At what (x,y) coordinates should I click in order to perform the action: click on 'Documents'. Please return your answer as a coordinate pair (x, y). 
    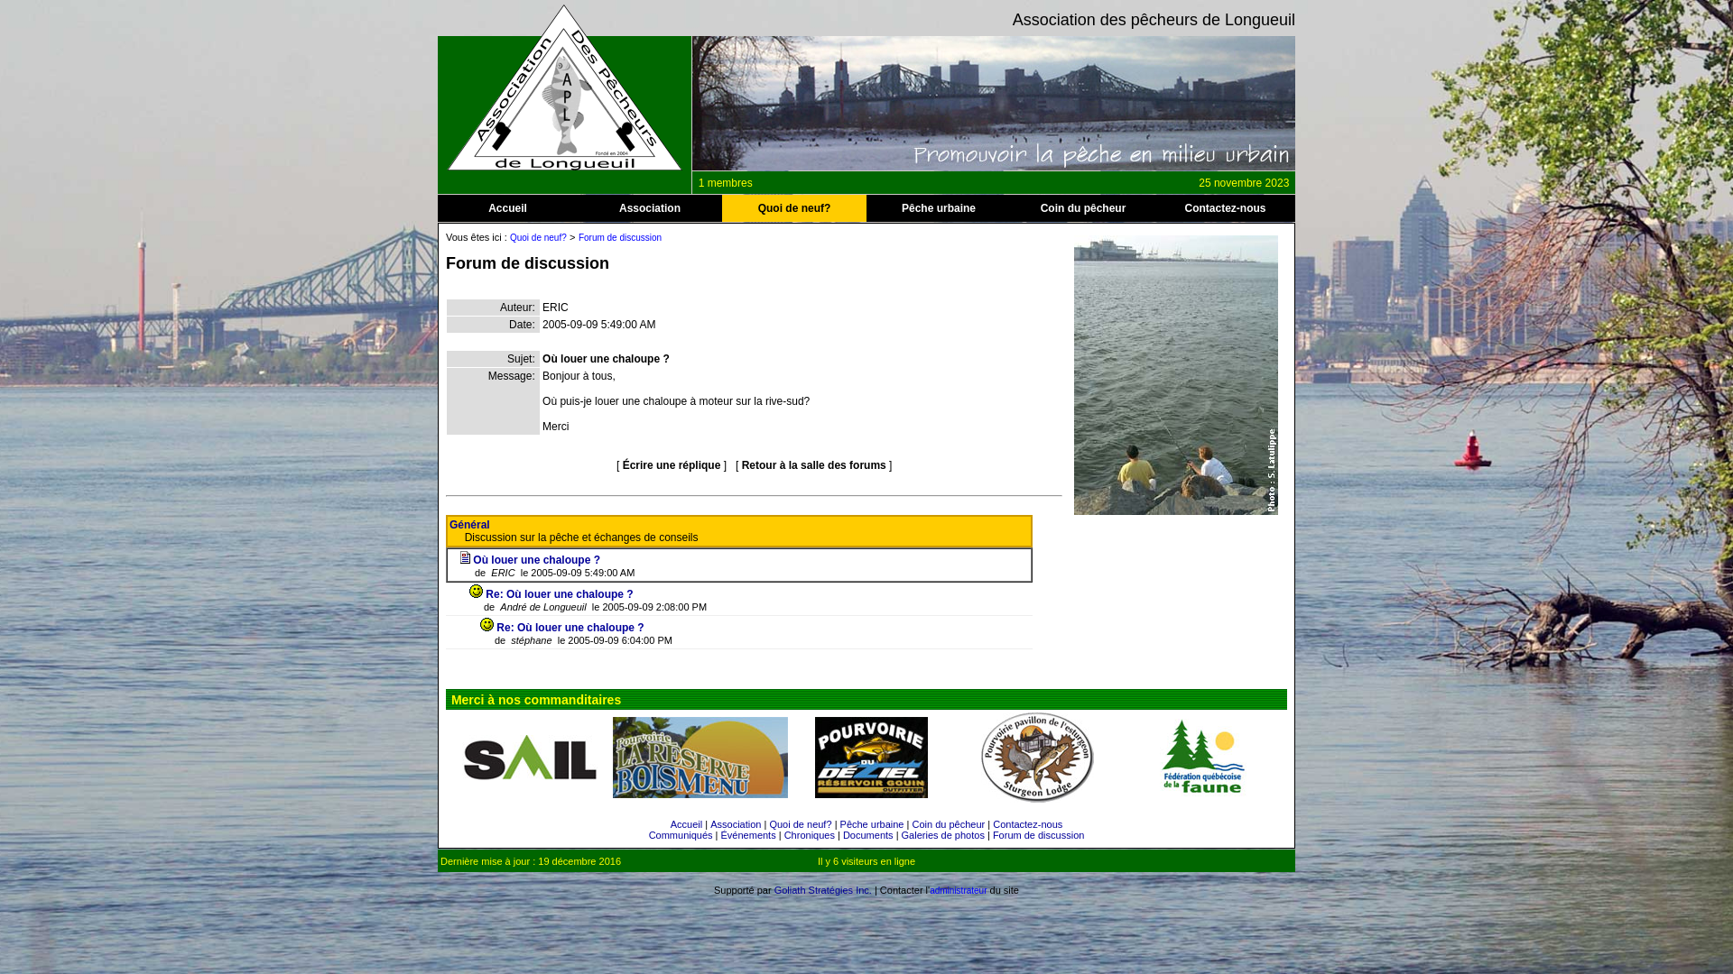
    Looking at the image, I should click on (867, 834).